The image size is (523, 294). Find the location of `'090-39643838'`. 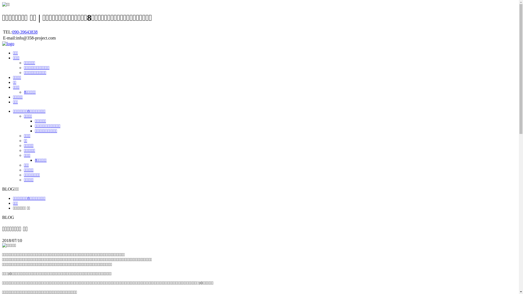

'090-39643838' is located at coordinates (25, 32).